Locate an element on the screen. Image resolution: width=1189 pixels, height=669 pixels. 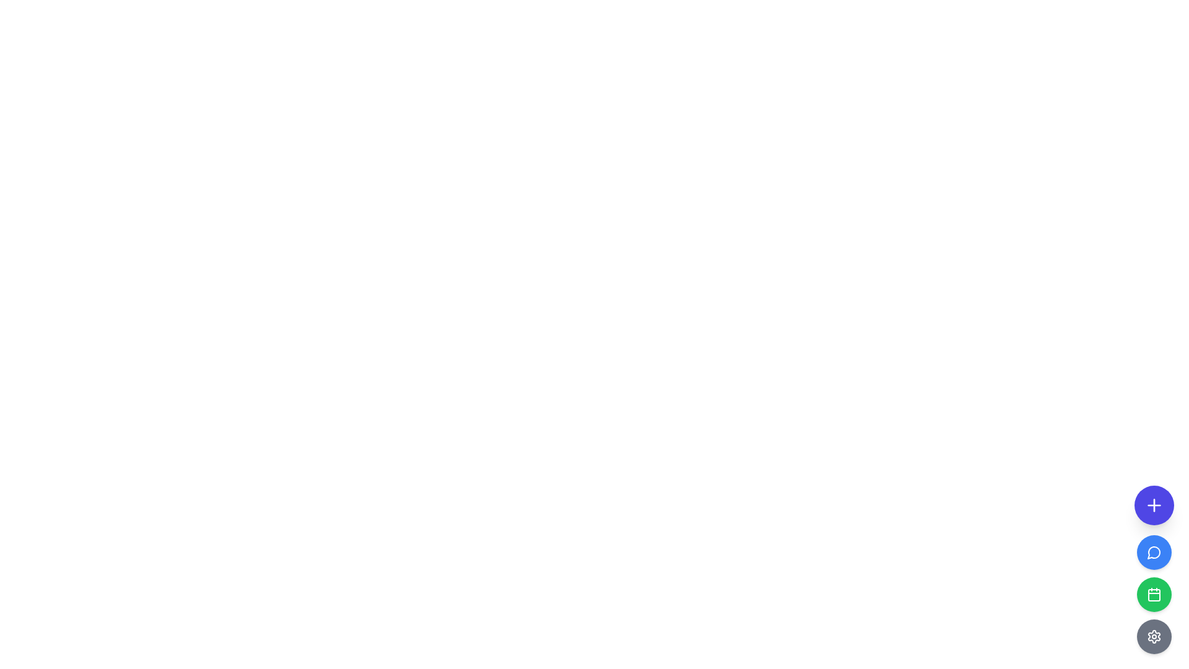
the settings icon button, which is a gear icon located in the bottom-right corner of the interface is located at coordinates (1153, 637).